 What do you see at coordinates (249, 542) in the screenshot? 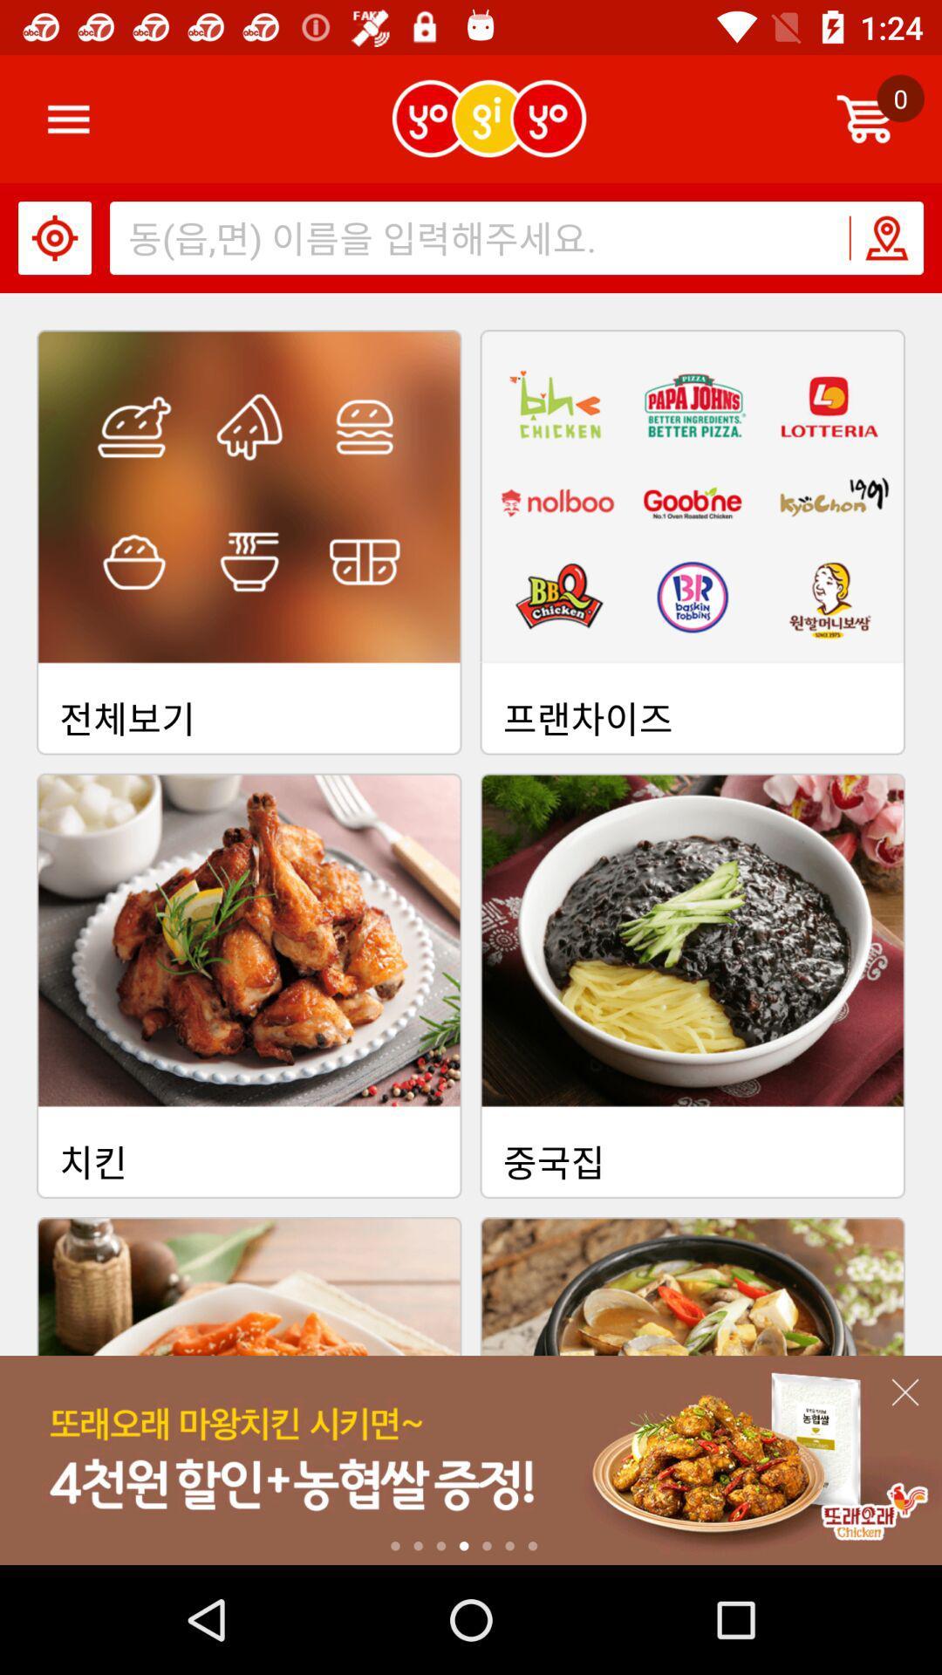
I see `the first image from left` at bounding box center [249, 542].